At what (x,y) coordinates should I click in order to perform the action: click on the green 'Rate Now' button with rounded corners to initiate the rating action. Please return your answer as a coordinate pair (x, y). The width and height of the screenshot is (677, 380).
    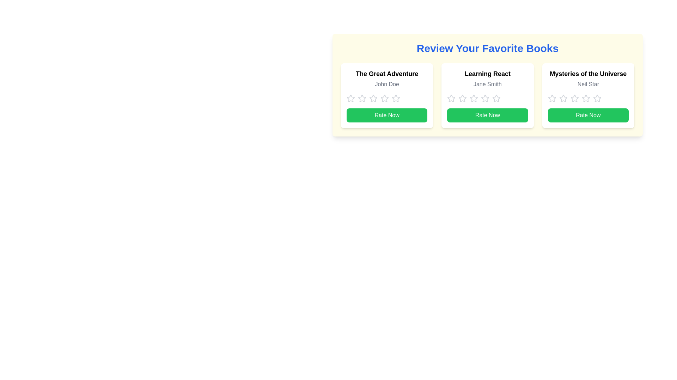
    Looking at the image, I should click on (386, 115).